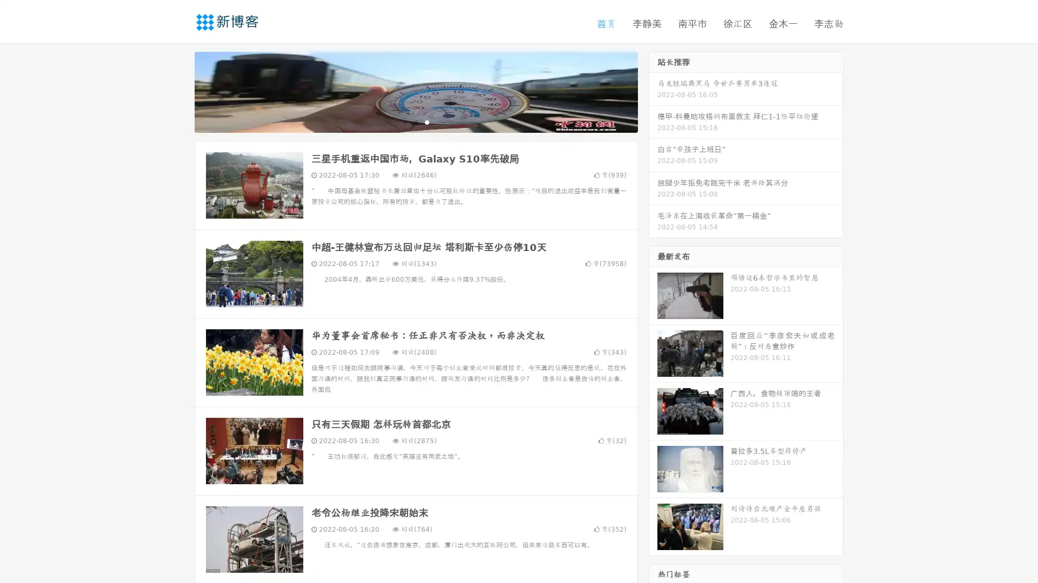  I want to click on Go to slide 3, so click(427, 121).